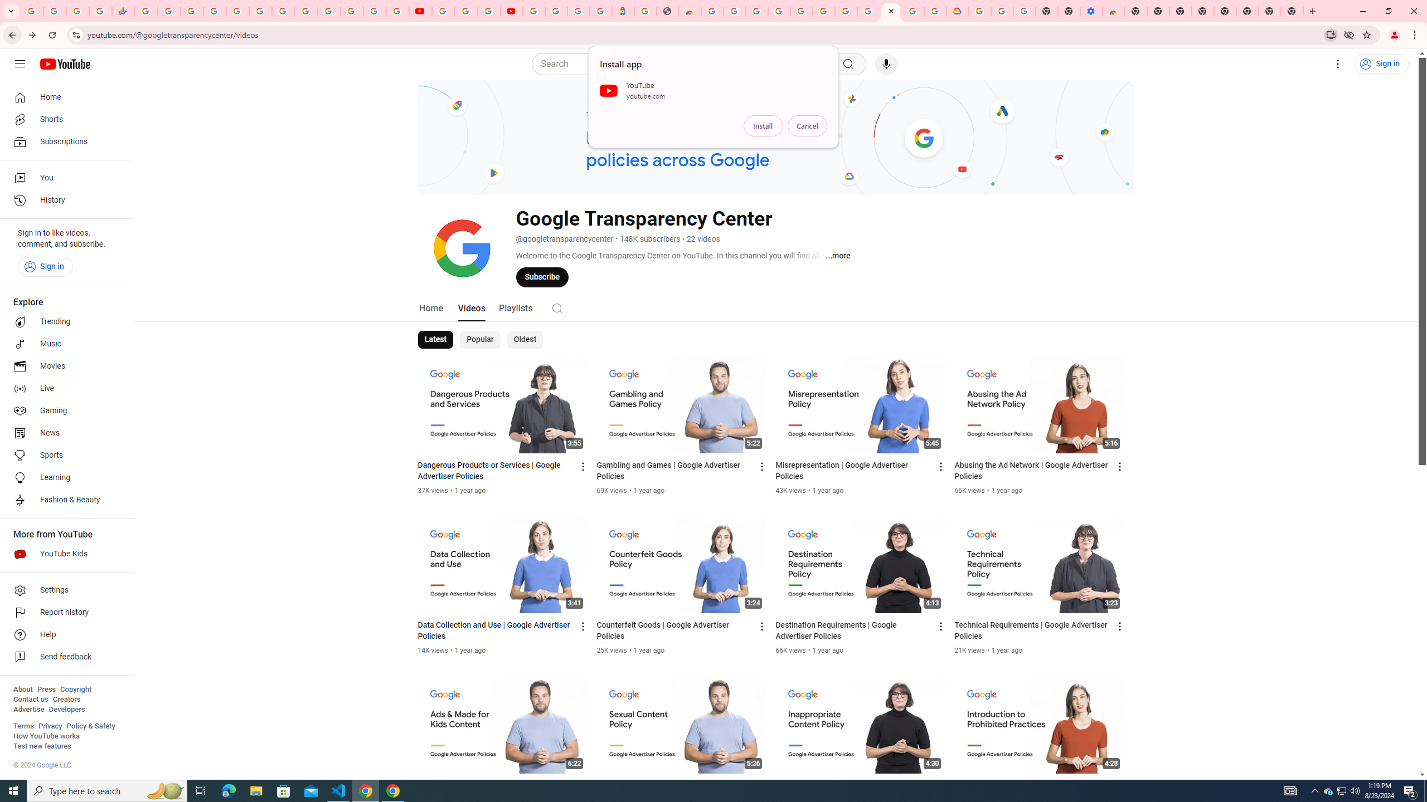  What do you see at coordinates (541, 277) in the screenshot?
I see `'Subscribe'` at bounding box center [541, 277].